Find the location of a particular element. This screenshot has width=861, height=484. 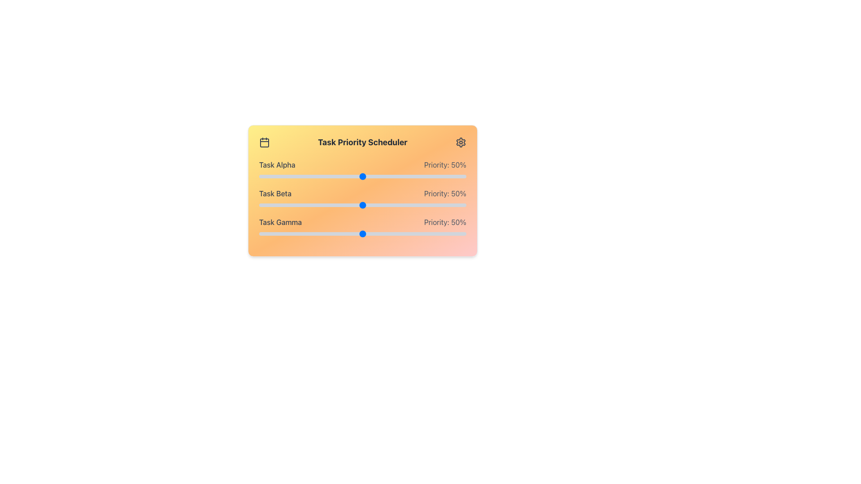

the Composite element displaying 'Task Alpha' with its priority value of 50% is located at coordinates (363, 170).